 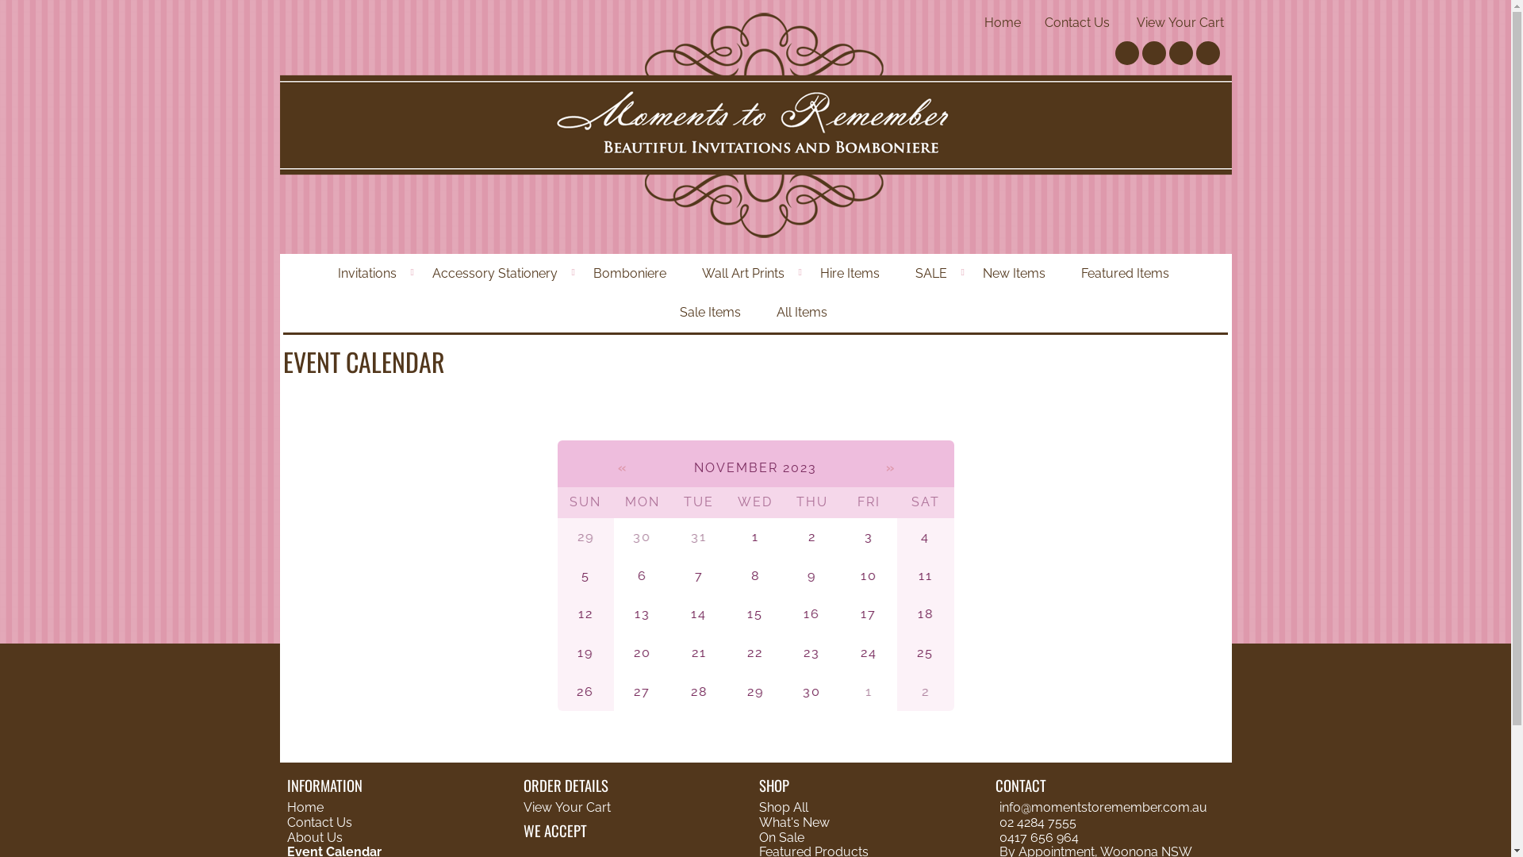 What do you see at coordinates (1038, 821) in the screenshot?
I see `'02 4284 7555'` at bounding box center [1038, 821].